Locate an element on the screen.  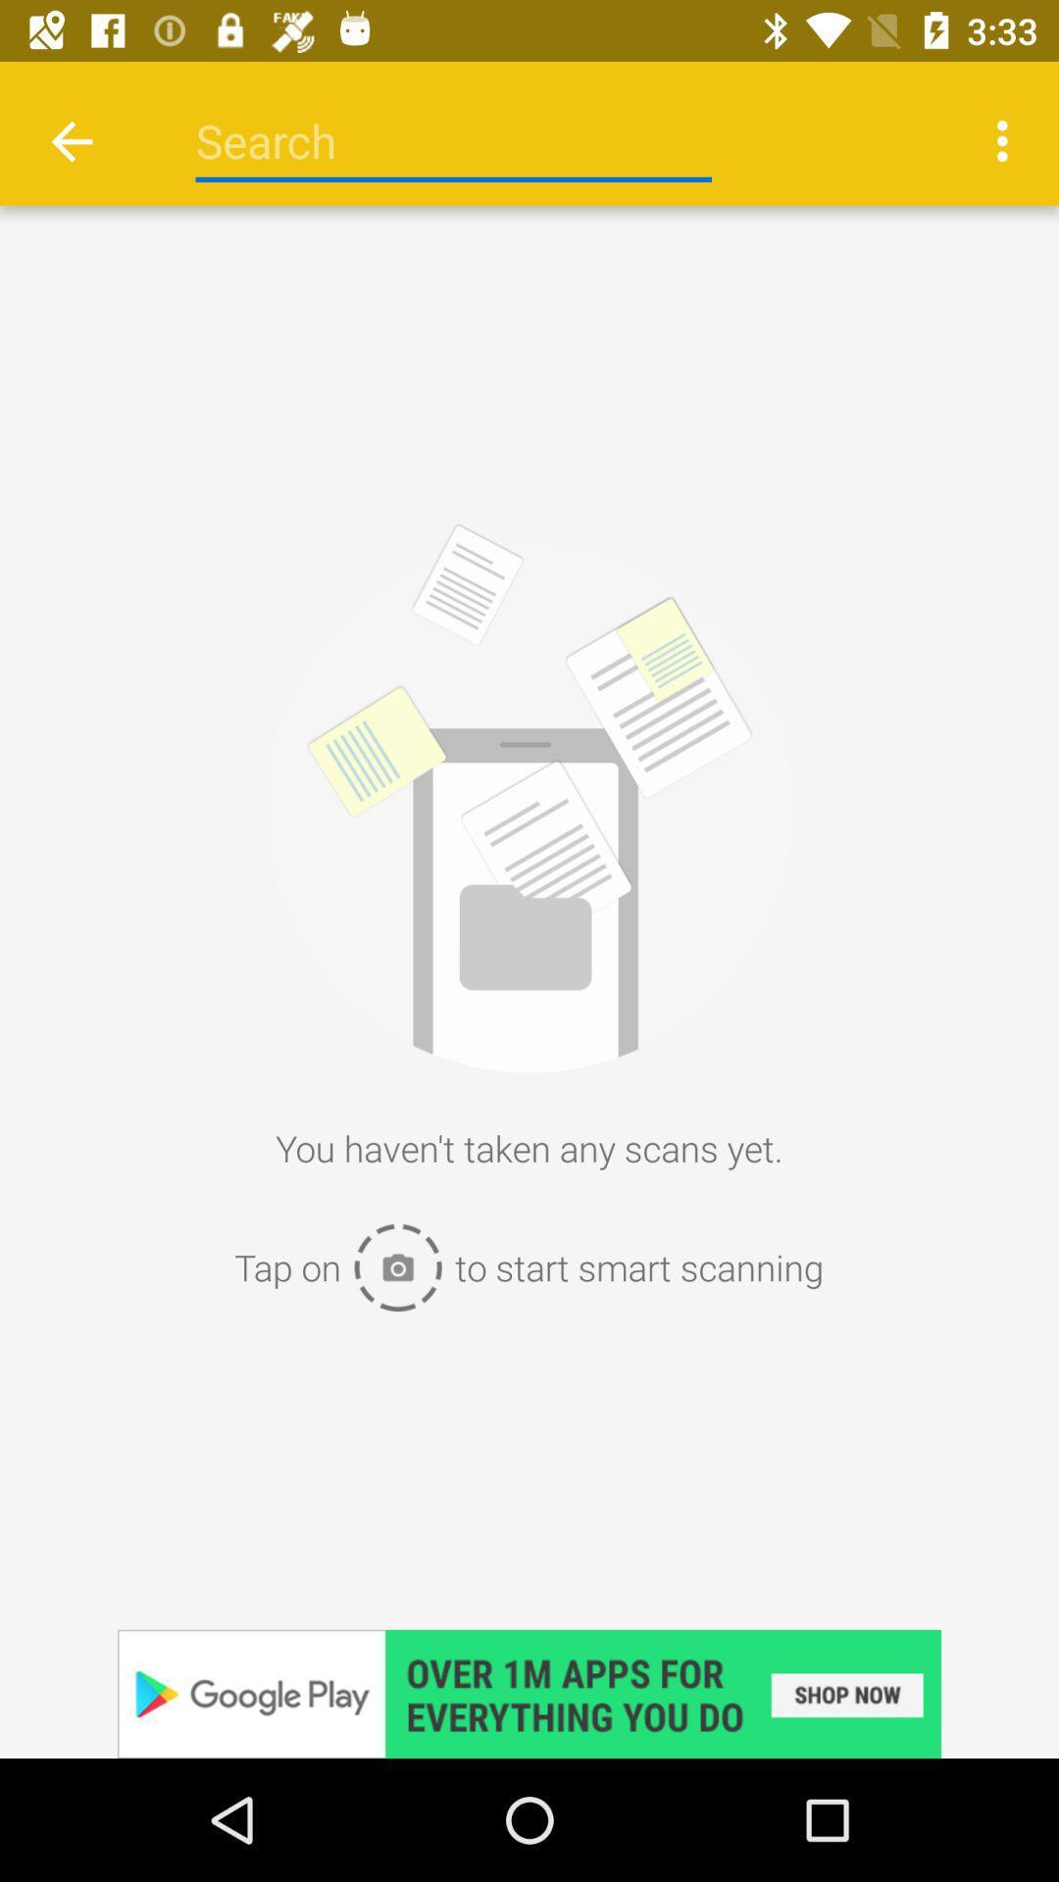
the advertisement is located at coordinates (529, 1693).